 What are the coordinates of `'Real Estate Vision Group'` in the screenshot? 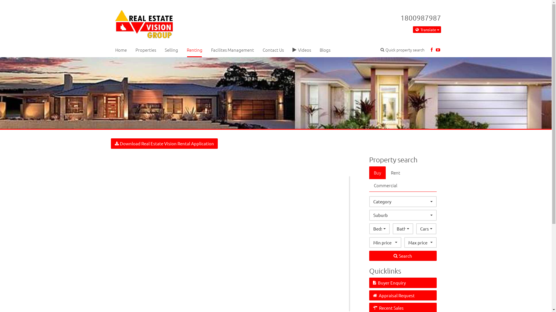 It's located at (144, 22).